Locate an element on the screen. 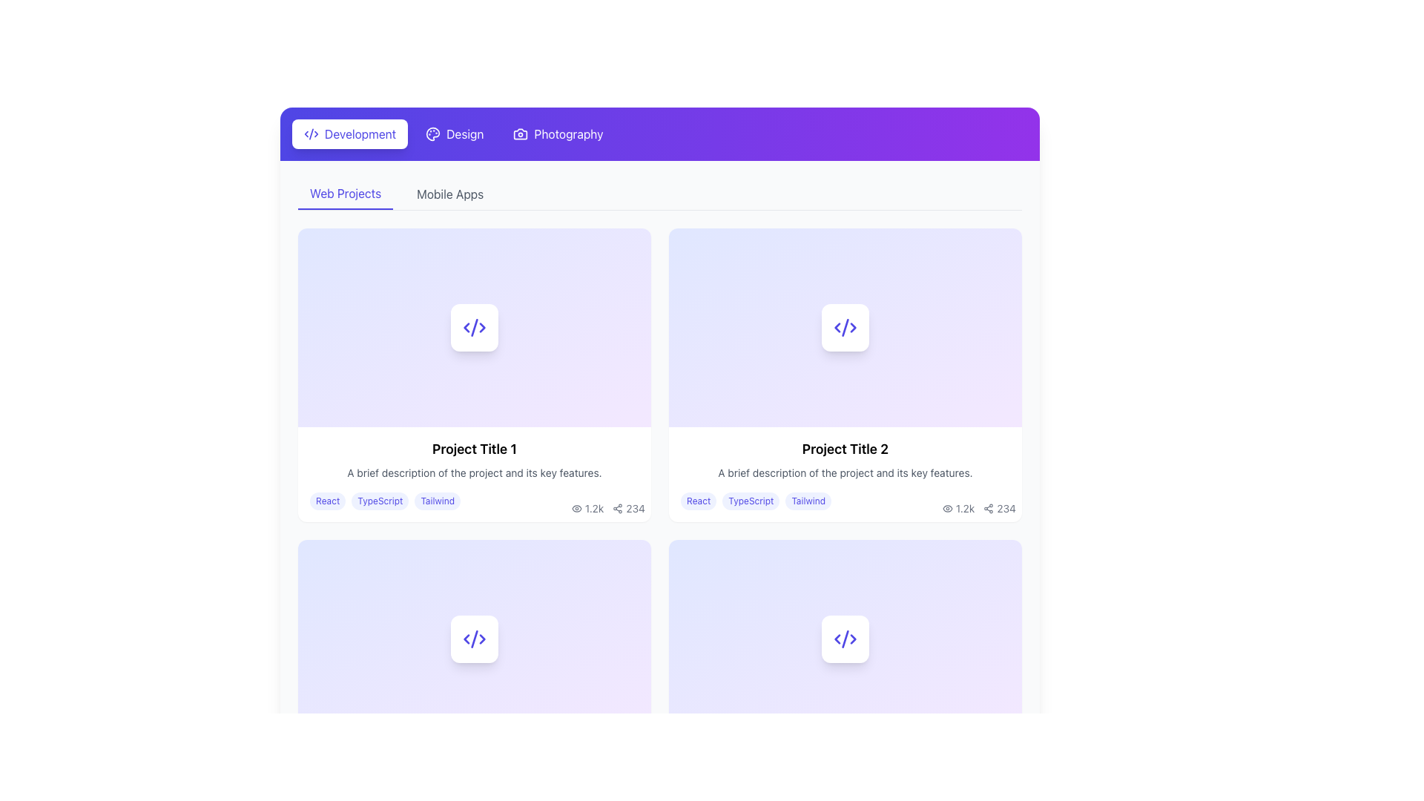 Image resolution: width=1424 pixels, height=801 pixels. the Thumbnail with decorative content that features coding tags, located in the third column and second row of the grid layout under 'Project Title 4' in the 'Web Projects' section is located at coordinates (845, 637).